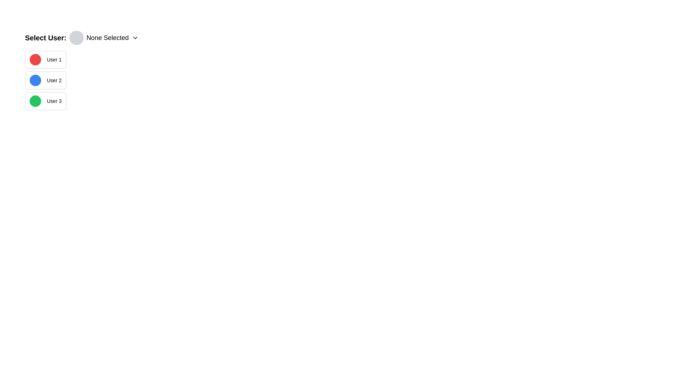 This screenshot has width=687, height=386. What do you see at coordinates (54, 80) in the screenshot?
I see `the label displaying 'User 2', which is styled with a small bold font and is positioned next to a blue circular icon in a vertical list of user containers` at bounding box center [54, 80].